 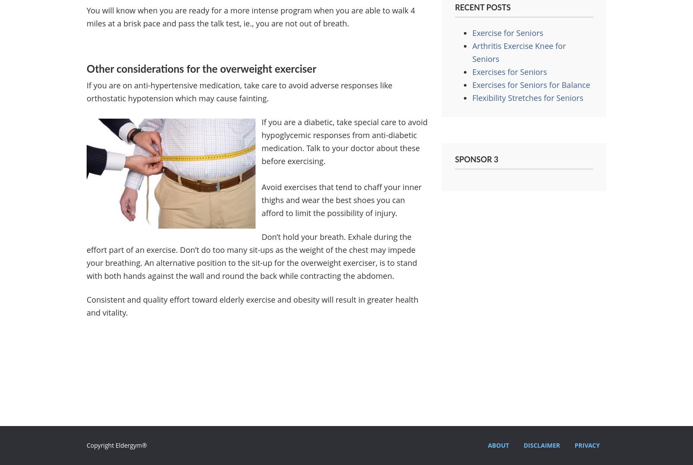 What do you see at coordinates (251, 255) in the screenshot?
I see `'Don’t hold your breath. Exhale during the effort part of an exercise. Don’t do too many sit-ups as the weight of the chest may impede your breathing. An alternative position to the sit-up for the overweight exerciser, is to stand with both hands against the wall and round the back while contracting the abdomen.'` at bounding box center [251, 255].